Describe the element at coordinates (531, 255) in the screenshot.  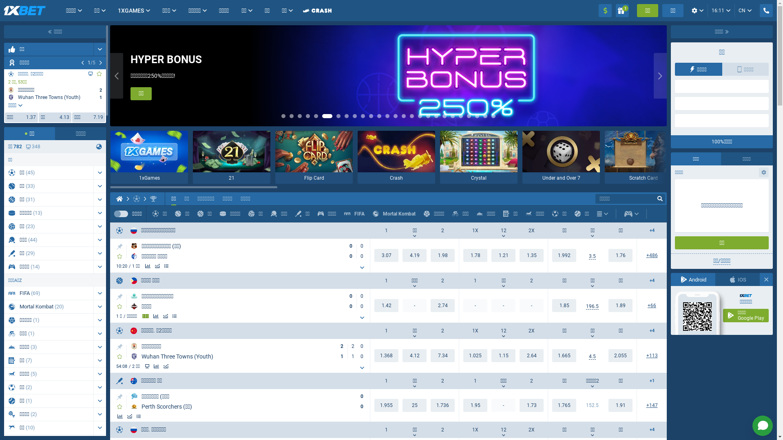
I see `'1.35'` at that location.